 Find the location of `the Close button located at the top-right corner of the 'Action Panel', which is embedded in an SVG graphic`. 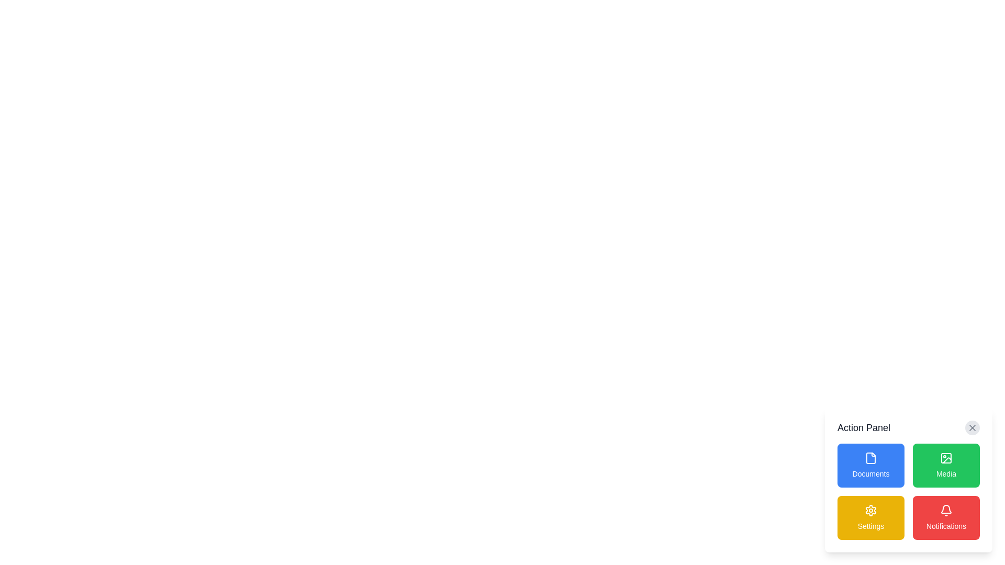

the Close button located at the top-right corner of the 'Action Panel', which is embedded in an SVG graphic is located at coordinates (971, 427).